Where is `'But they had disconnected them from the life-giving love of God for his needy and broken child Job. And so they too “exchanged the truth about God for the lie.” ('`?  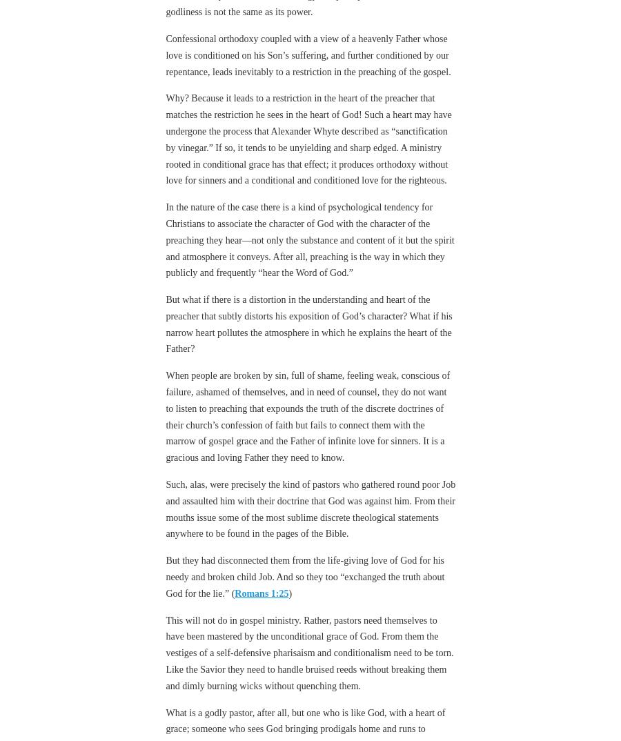
'But they had disconnected them from the life-giving love of God for his needy and broken child Job. And so they too “exchanged the truth about God for the lie.” (' is located at coordinates (304, 538).